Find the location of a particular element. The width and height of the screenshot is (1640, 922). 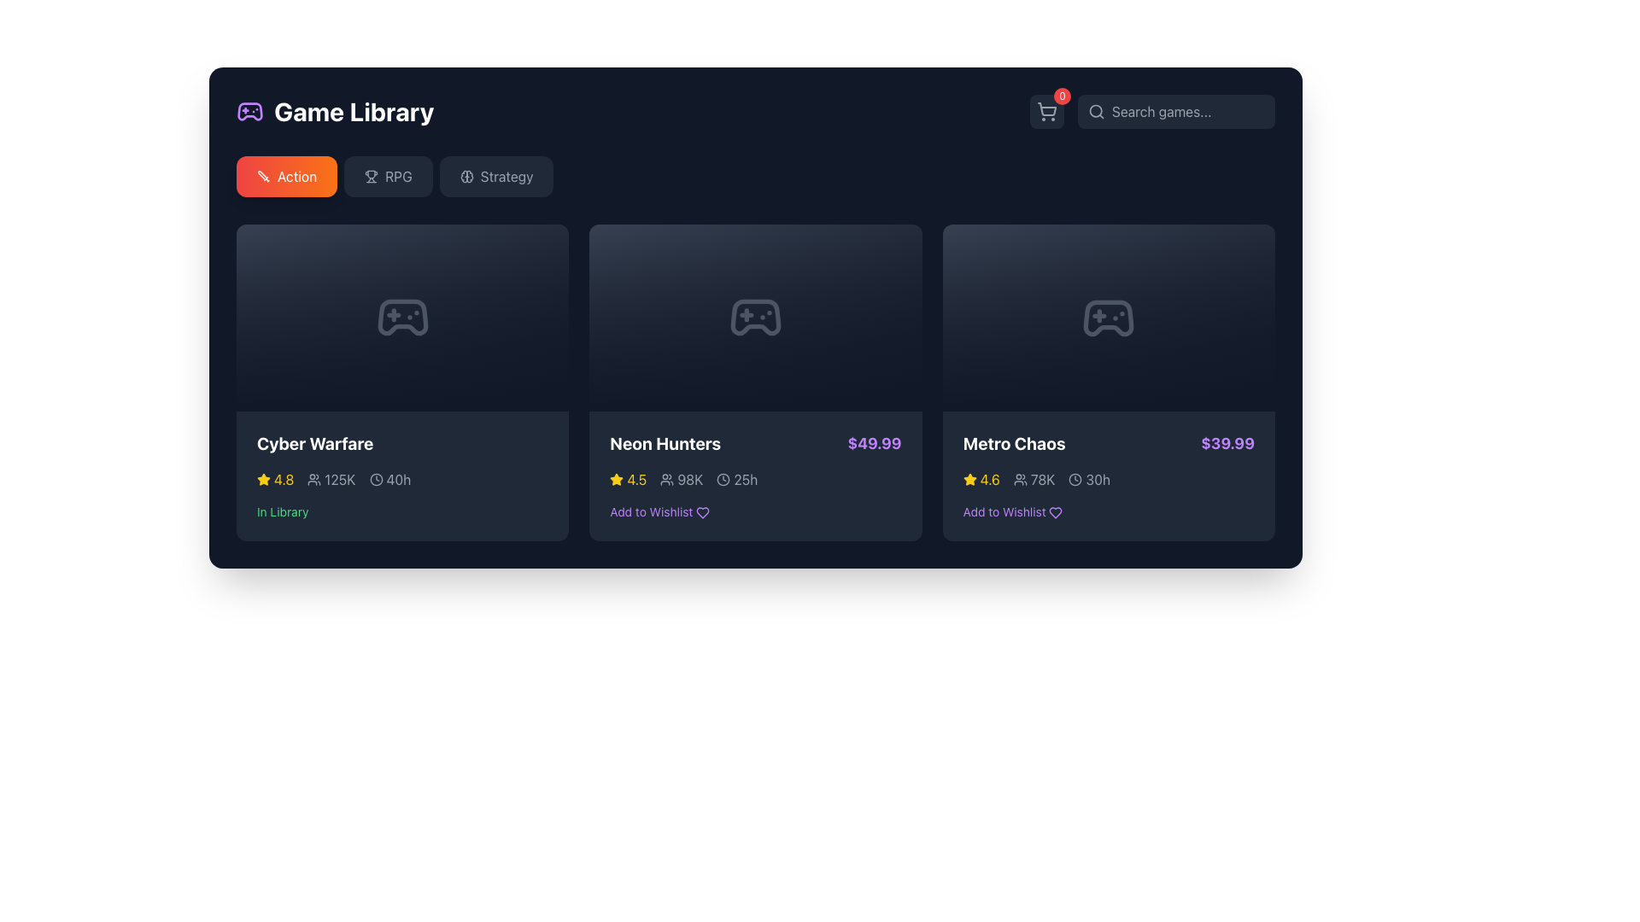

the 'In Library' text label displayed in green color below the 'Cyber Warfare' game card is located at coordinates (283, 511).